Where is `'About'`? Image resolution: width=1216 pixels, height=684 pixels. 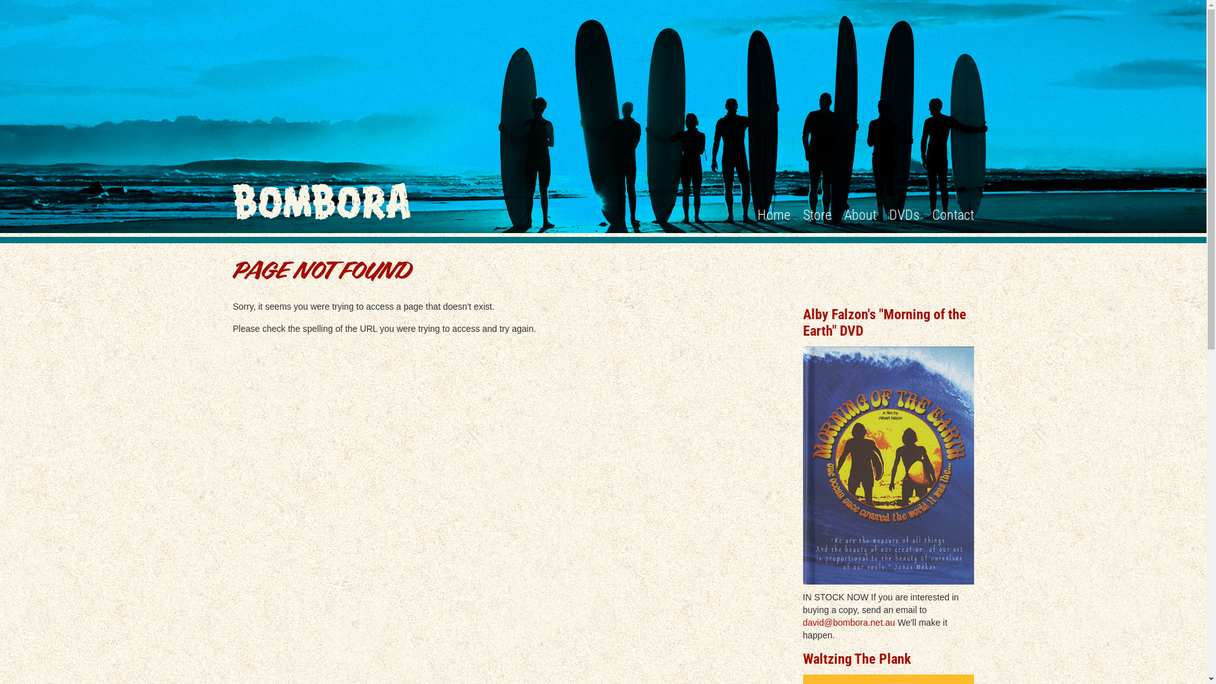
'About' is located at coordinates (859, 214).